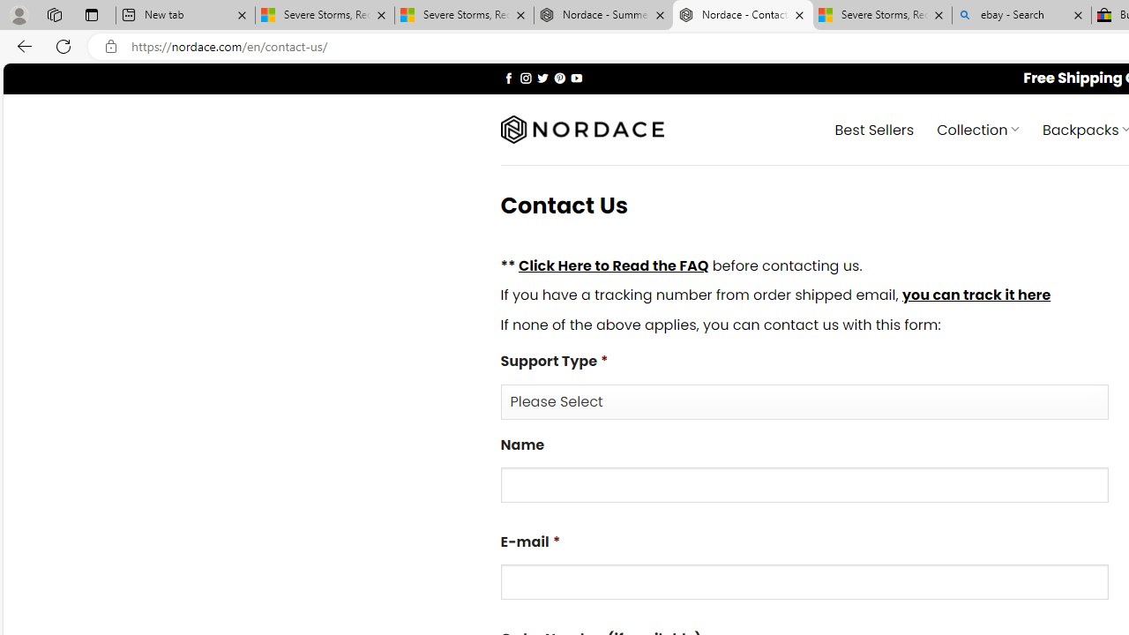 This screenshot has width=1129, height=635. What do you see at coordinates (975, 295) in the screenshot?
I see `'you can track it here'` at bounding box center [975, 295].